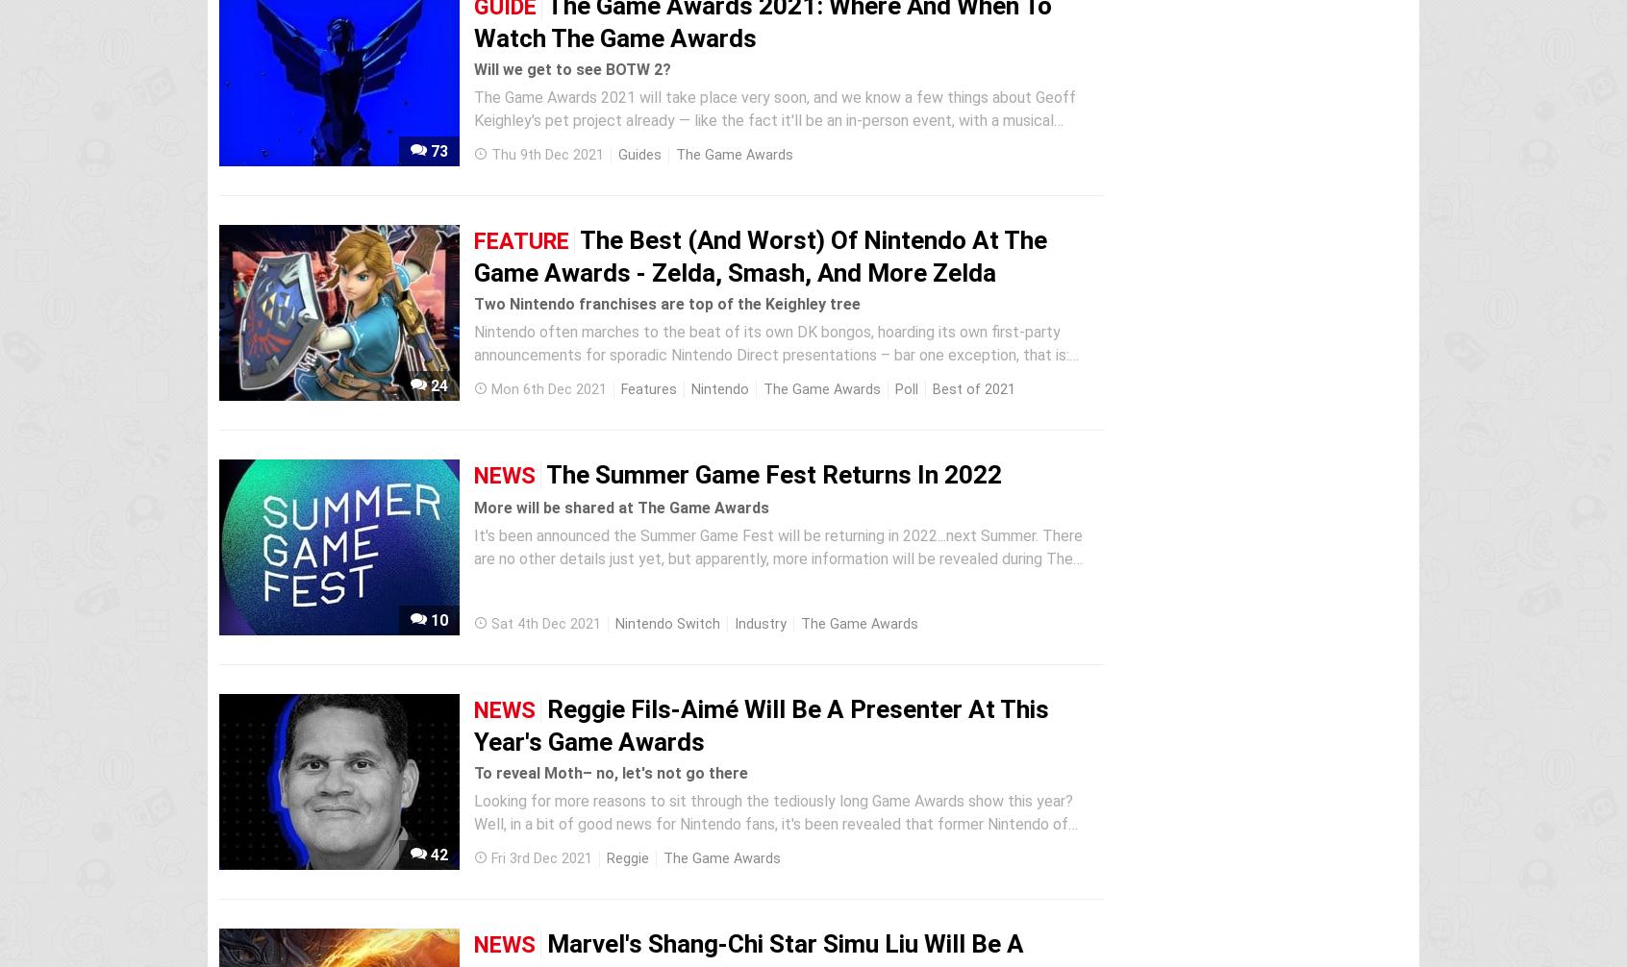 The image size is (1627, 967). Describe the element at coordinates (627, 857) in the screenshot. I see `'Reggie'` at that location.